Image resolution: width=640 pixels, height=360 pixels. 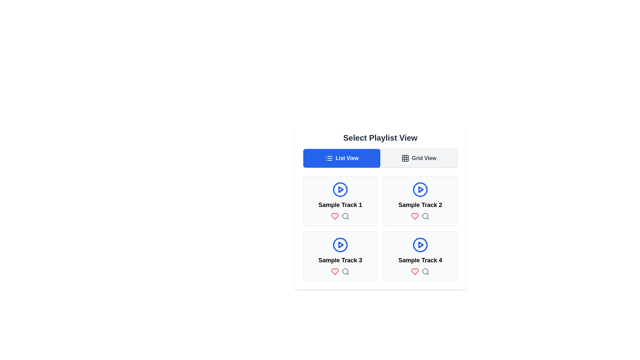 I want to click on the search or zoom functionality icon located beneath 'Sample Track 2', so click(x=425, y=216).